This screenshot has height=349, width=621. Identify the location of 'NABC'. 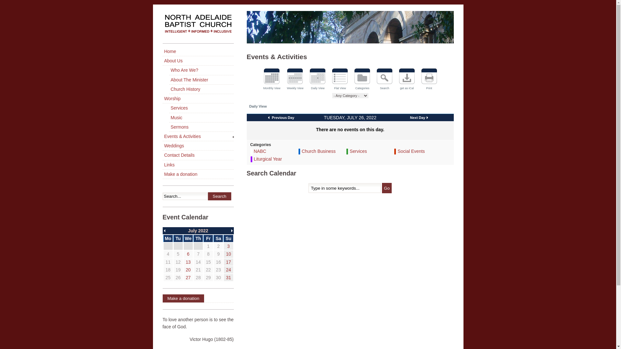
(260, 151).